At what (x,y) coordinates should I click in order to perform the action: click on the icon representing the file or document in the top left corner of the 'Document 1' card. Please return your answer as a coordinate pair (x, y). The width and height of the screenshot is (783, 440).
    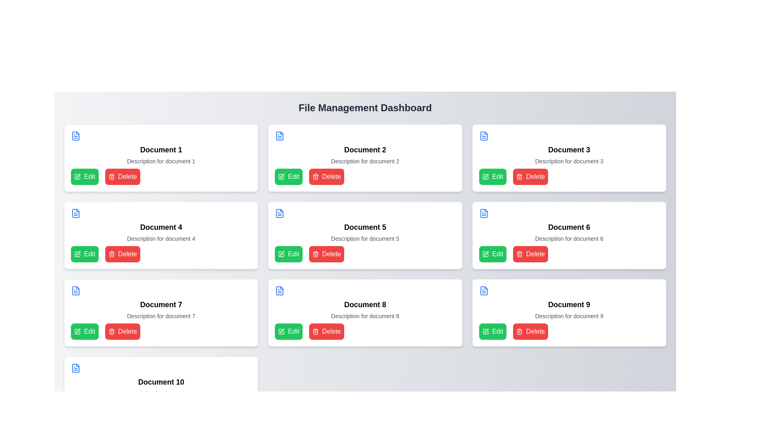
    Looking at the image, I should click on (76, 136).